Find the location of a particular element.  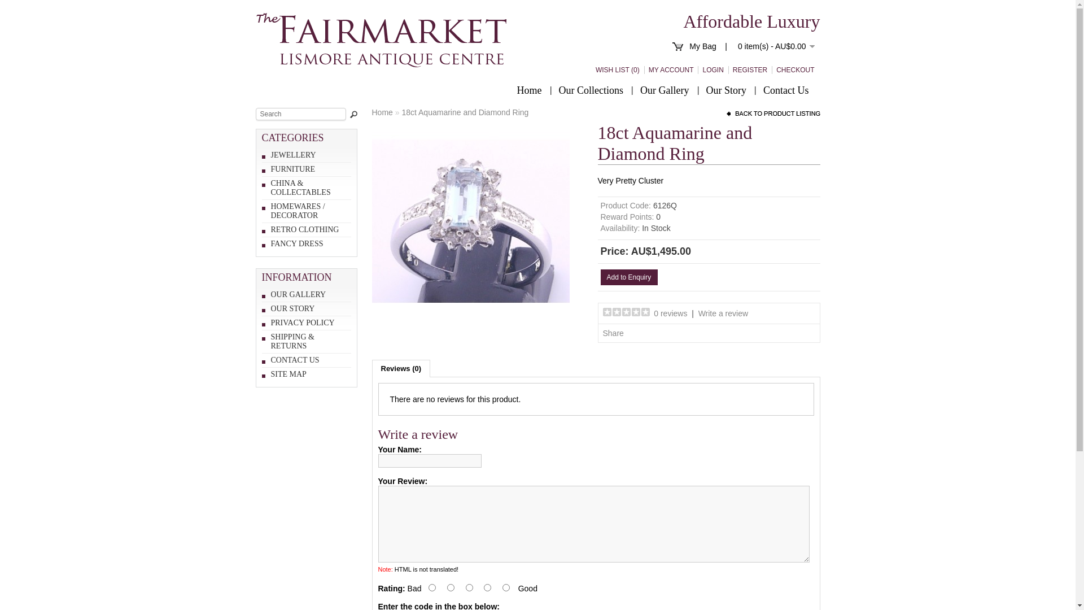

'FANCY DRESS' is located at coordinates (297, 243).